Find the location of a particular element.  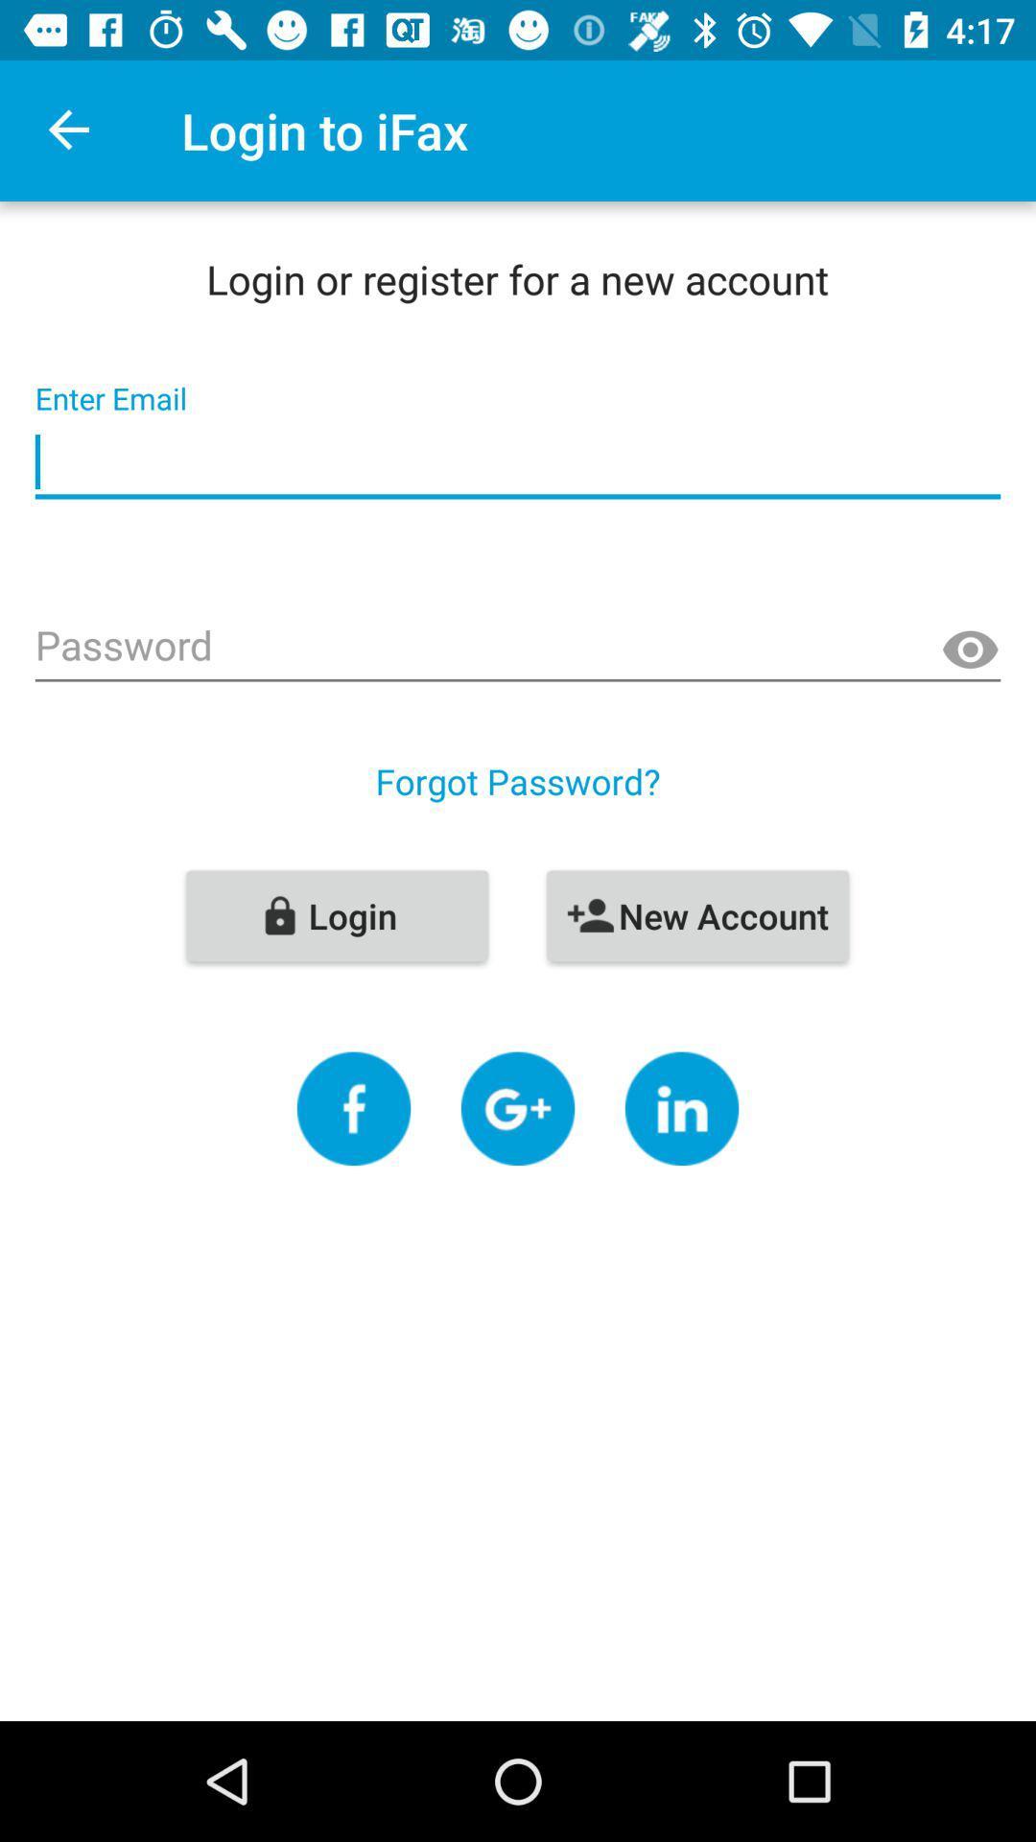

facebook is located at coordinates (354, 1108).